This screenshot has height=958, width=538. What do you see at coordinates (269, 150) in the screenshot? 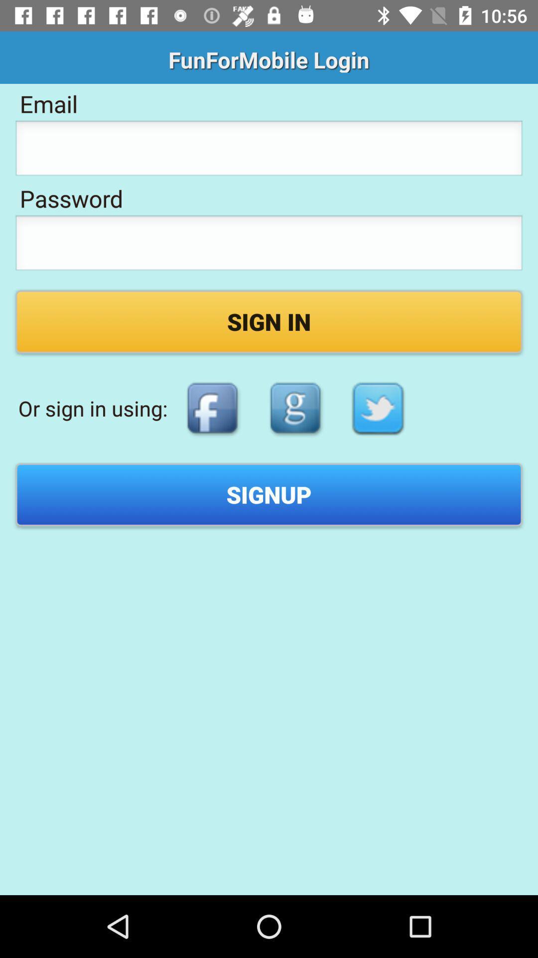
I see `email id` at bounding box center [269, 150].